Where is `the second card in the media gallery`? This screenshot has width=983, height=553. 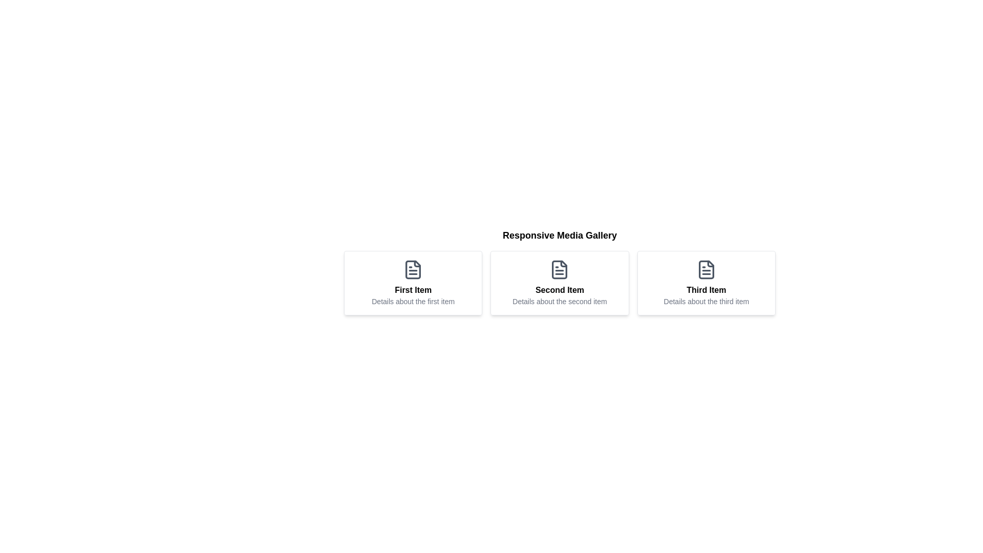 the second card in the media gallery is located at coordinates (559, 271).